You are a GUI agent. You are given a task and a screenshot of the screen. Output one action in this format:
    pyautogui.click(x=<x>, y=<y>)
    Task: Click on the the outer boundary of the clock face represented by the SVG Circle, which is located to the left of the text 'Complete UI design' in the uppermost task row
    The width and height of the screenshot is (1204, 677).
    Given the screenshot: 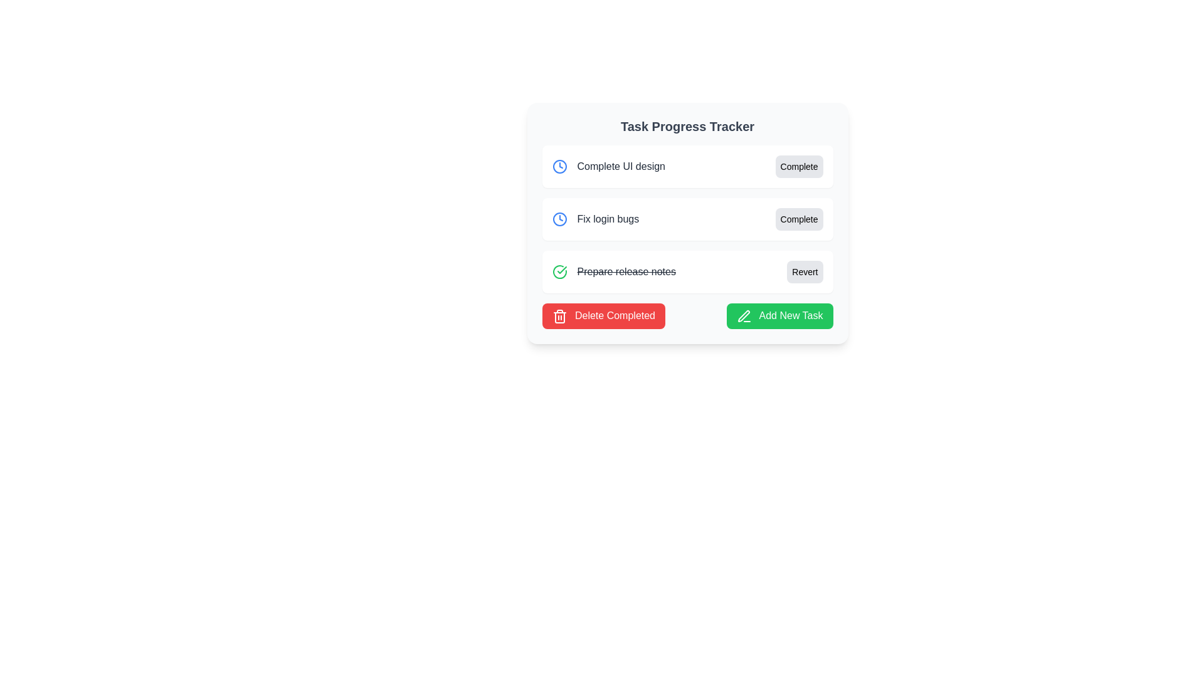 What is the action you would take?
    pyautogui.click(x=559, y=219)
    